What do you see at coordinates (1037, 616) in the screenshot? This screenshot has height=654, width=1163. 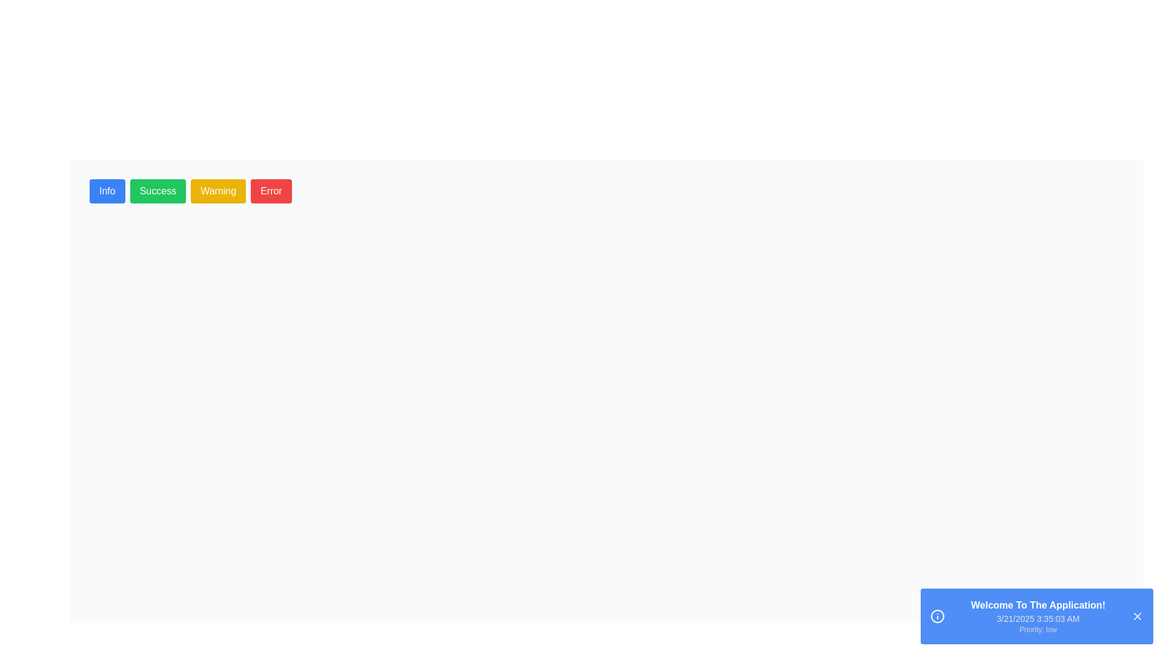 I see `the Text Display Group located in the bottom-right corner of the interface, which presents notification messages with timestamps and priority levels` at bounding box center [1037, 616].